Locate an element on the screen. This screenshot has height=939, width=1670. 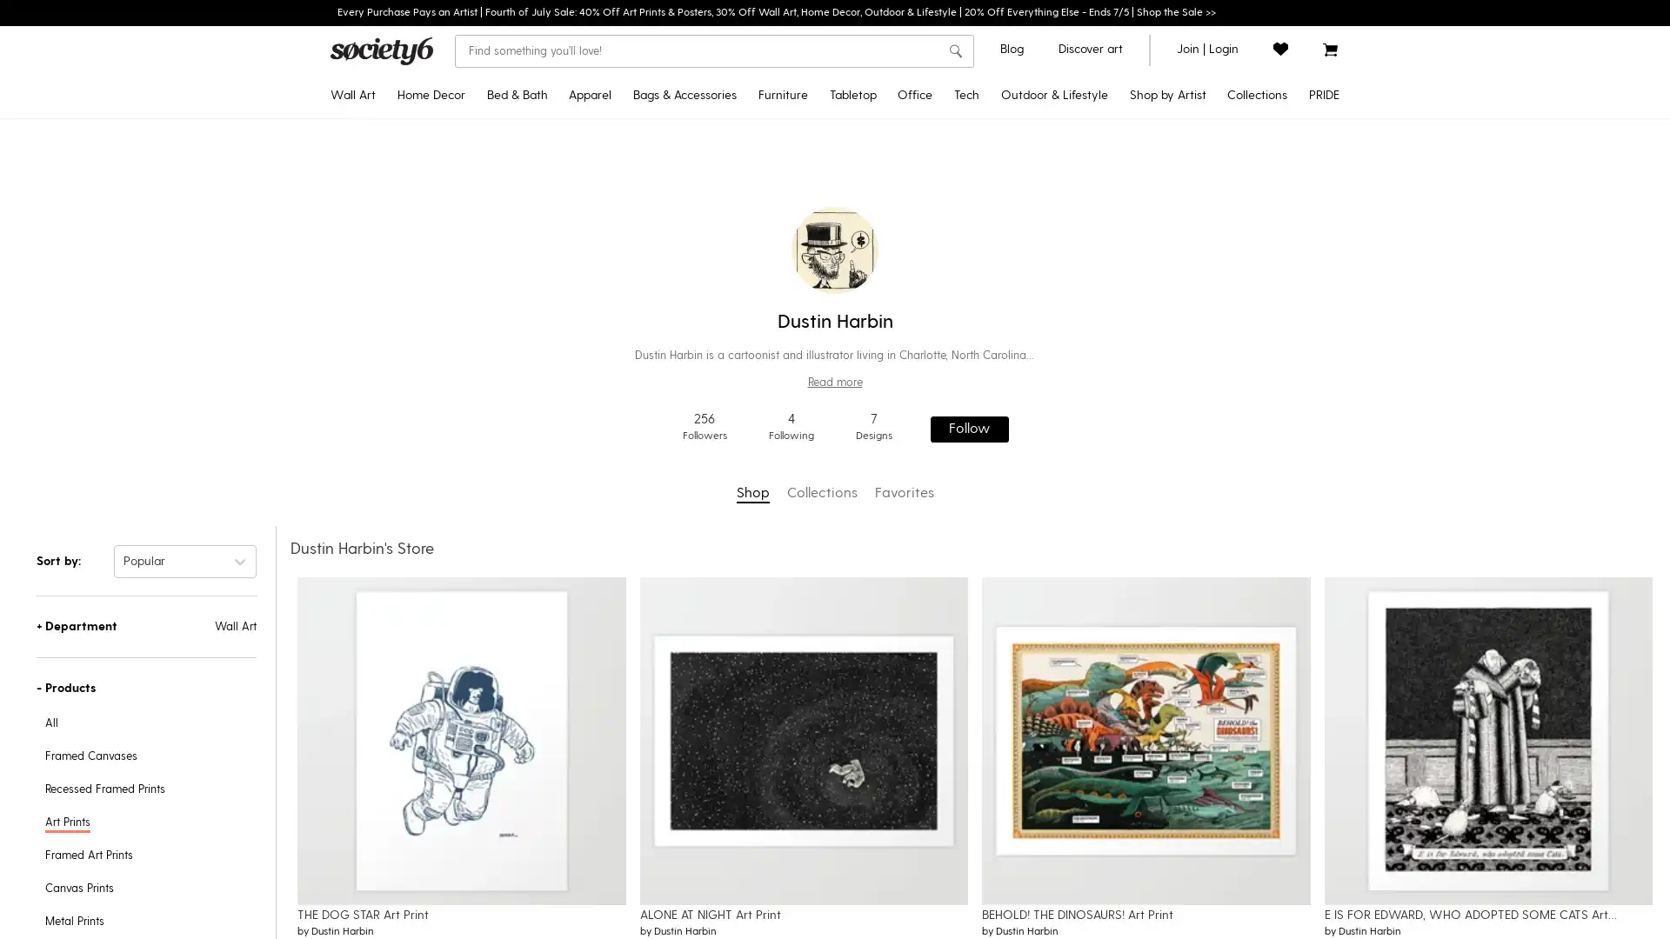
Jigsaw Puzzles is located at coordinates (958, 223).